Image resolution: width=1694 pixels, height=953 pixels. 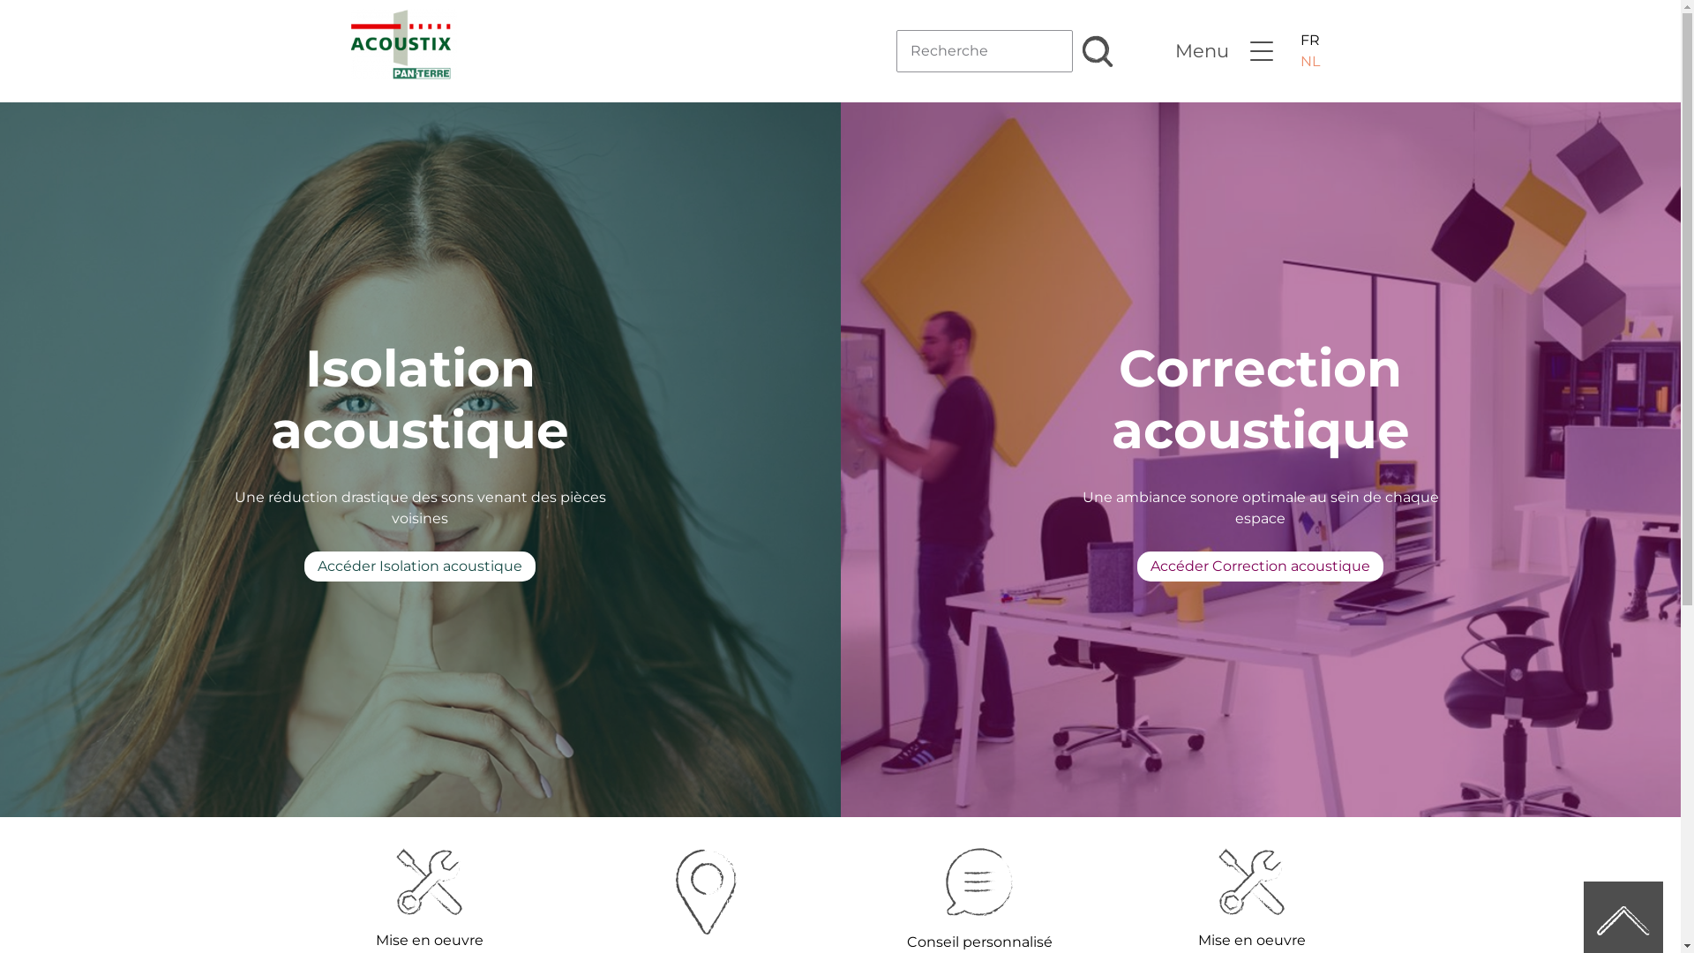 What do you see at coordinates (1309, 60) in the screenshot?
I see `'NL'` at bounding box center [1309, 60].